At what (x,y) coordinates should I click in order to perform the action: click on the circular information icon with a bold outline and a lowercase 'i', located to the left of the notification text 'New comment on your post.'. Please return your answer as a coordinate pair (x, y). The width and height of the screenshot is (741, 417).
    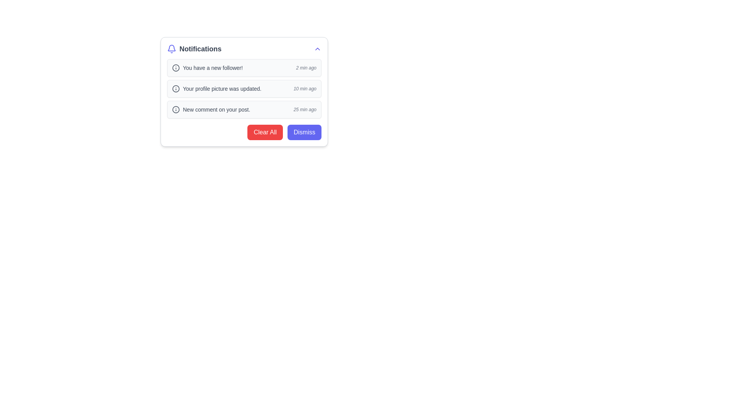
    Looking at the image, I should click on (176, 110).